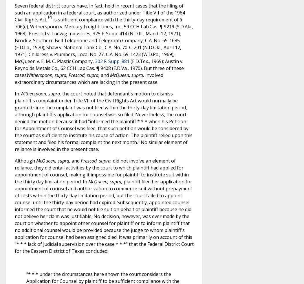 The image size is (304, 284). What do you see at coordinates (104, 40) in the screenshot?
I see `'is sufficient compliance with the thirty-day requirement of § 706(e). Witherspoon v. Mercury Freight Lines, Inc., 59 CCH Lab.Cas. ¶ 9219 (S.D.Ala., 1968); Prescod v. Ludwig Industries, 325 F. Supp. 414 (N.D.Ill., March 12, 1971); Brock v. Southern Bell Telephone and Telegraph Company, C.A. No. 69-1685 (E.D.La., 1970); Shaw v. National Tank Co., C.A. No. 70-C-201 (N.D.Okl., April 12, 1971); Childress v. Plumbers, Local No. 27, C.A. No. 69-1423 (W.D.Pa., 1969); McQueen v. E. M. C. Plastic Company,'` at bounding box center [104, 40].